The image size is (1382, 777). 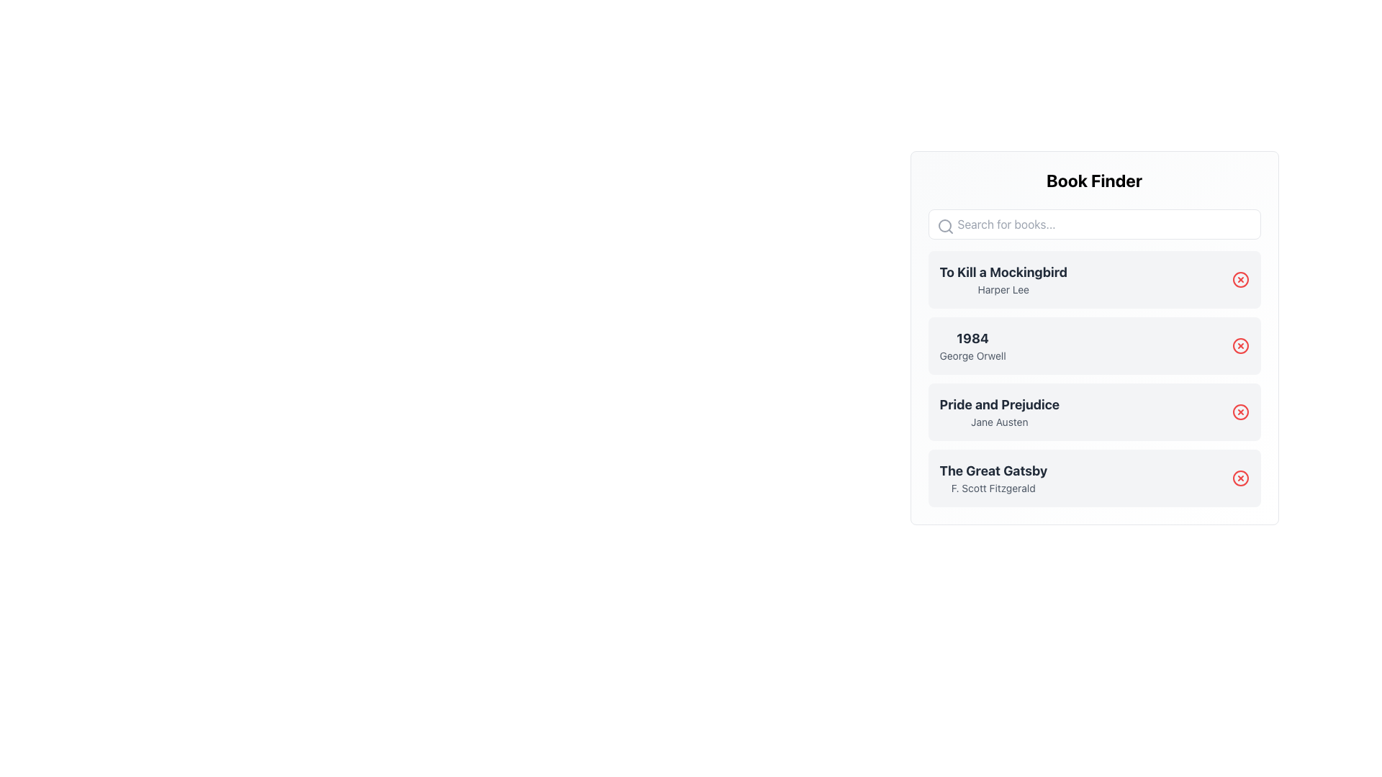 What do you see at coordinates (1239, 478) in the screenshot?
I see `the Icon button with a circular outline and X-mark located at the far right of the list item 'The Great Gatsby' by F. Scott Fitzgerald to trigger additional visual feedback` at bounding box center [1239, 478].